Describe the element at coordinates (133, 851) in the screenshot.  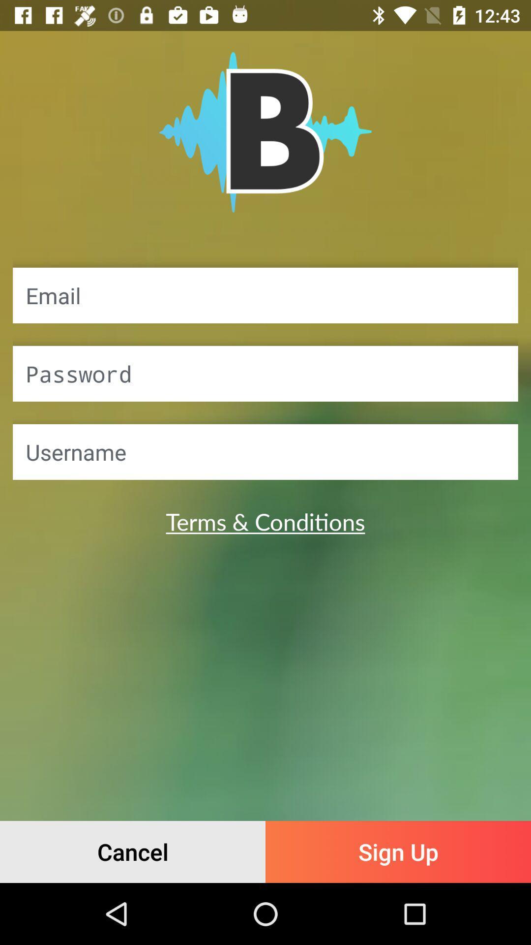
I see `icon next to the sign up item` at that location.